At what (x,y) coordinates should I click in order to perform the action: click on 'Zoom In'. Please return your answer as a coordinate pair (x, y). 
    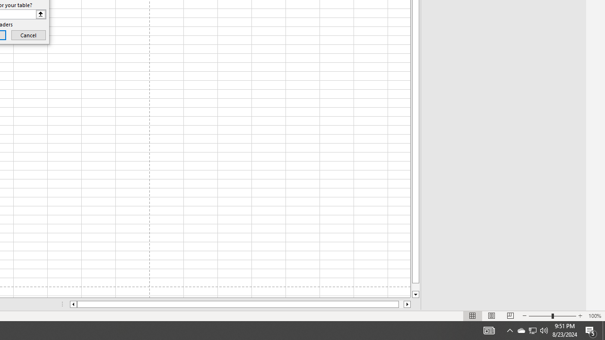
    Looking at the image, I should click on (579, 316).